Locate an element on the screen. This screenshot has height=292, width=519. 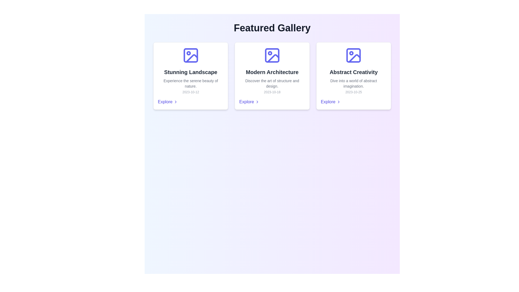
the card component displaying 'Stunning Landscape' with a white background and a purple image icon at the top is located at coordinates (191, 76).